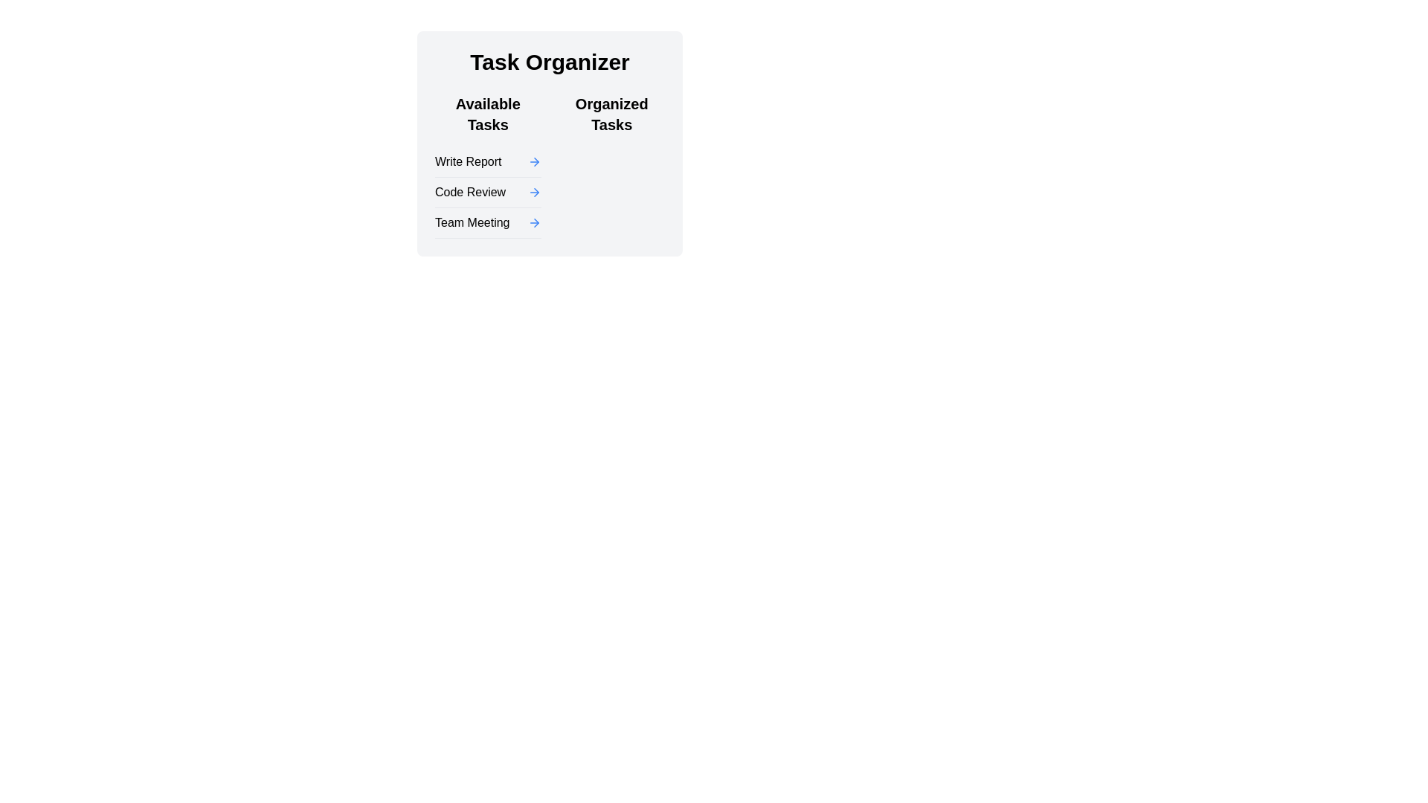  What do you see at coordinates (535, 191) in the screenshot?
I see `the arrow icon in the second row of the 'Available Tasks' section` at bounding box center [535, 191].